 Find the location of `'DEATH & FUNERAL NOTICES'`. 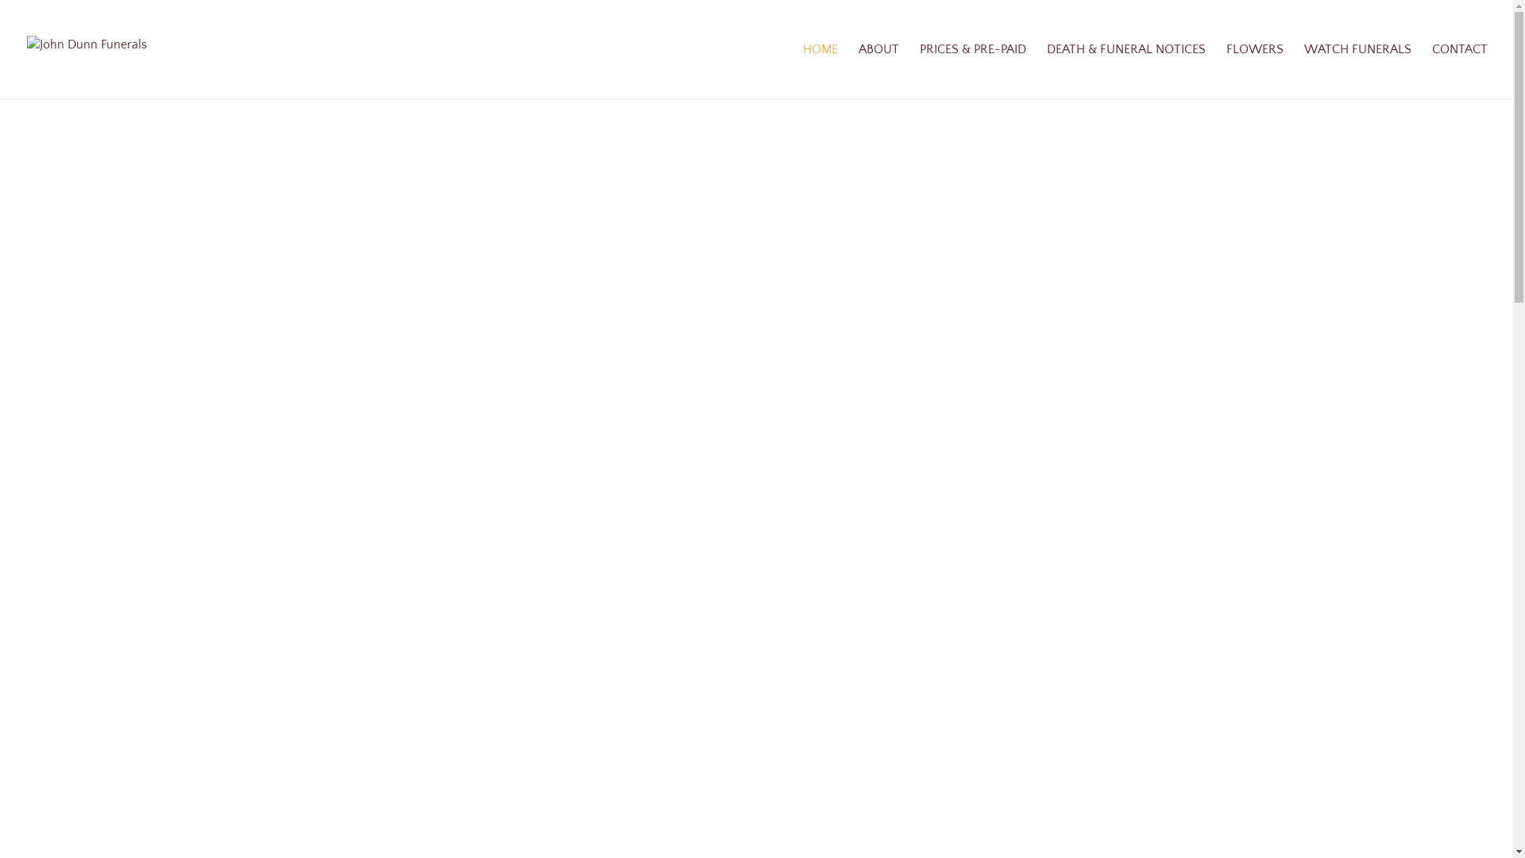

'DEATH & FUNERAL NOTICES' is located at coordinates (1125, 70).